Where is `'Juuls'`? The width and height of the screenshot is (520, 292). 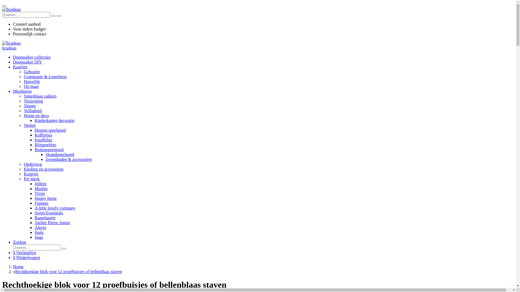
'Juuls' is located at coordinates (39, 232).